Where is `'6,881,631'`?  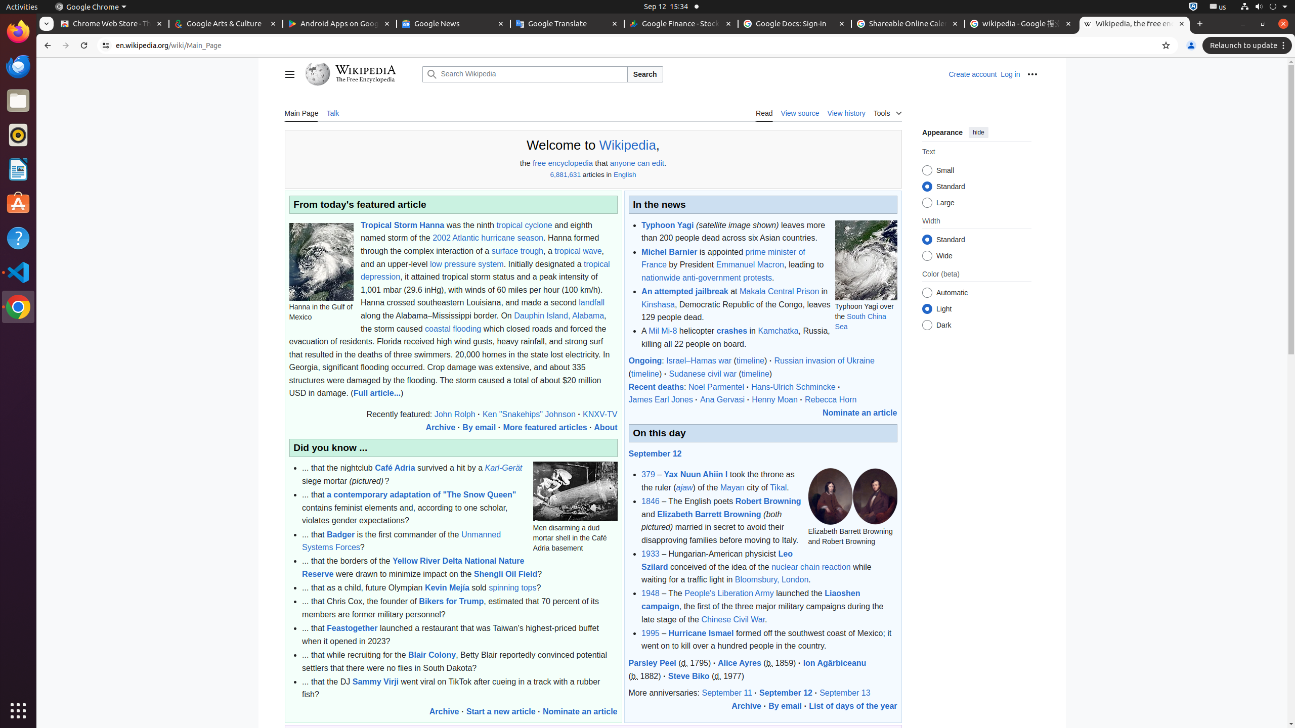 '6,881,631' is located at coordinates (565, 174).